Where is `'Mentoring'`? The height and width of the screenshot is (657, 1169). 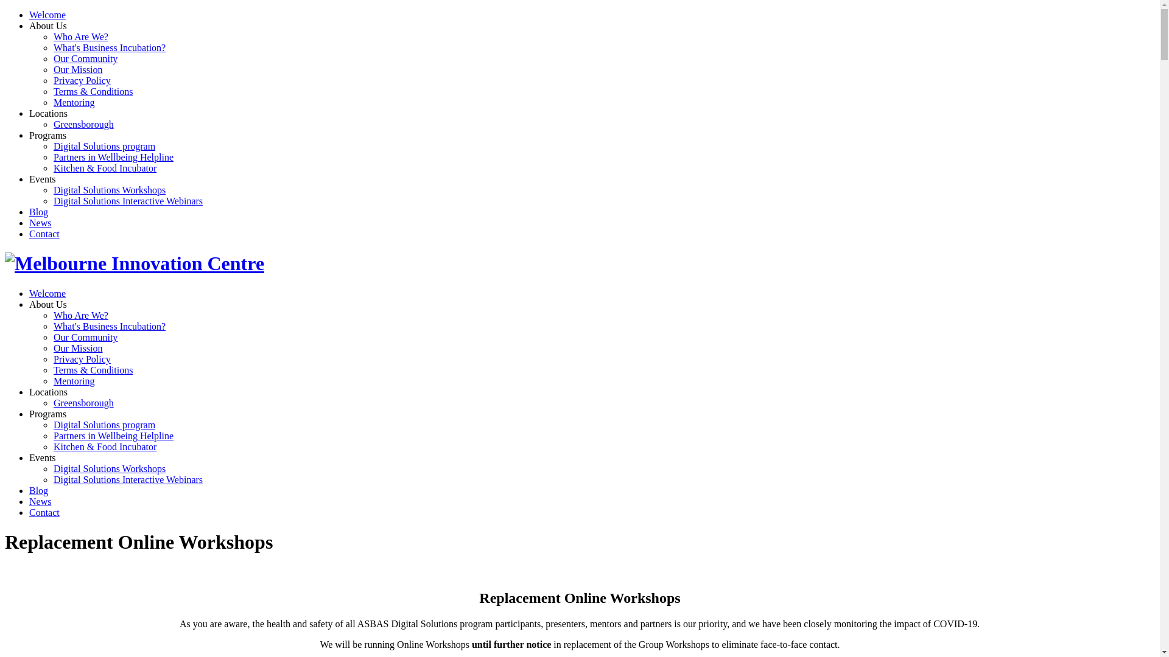 'Mentoring' is located at coordinates (73, 102).